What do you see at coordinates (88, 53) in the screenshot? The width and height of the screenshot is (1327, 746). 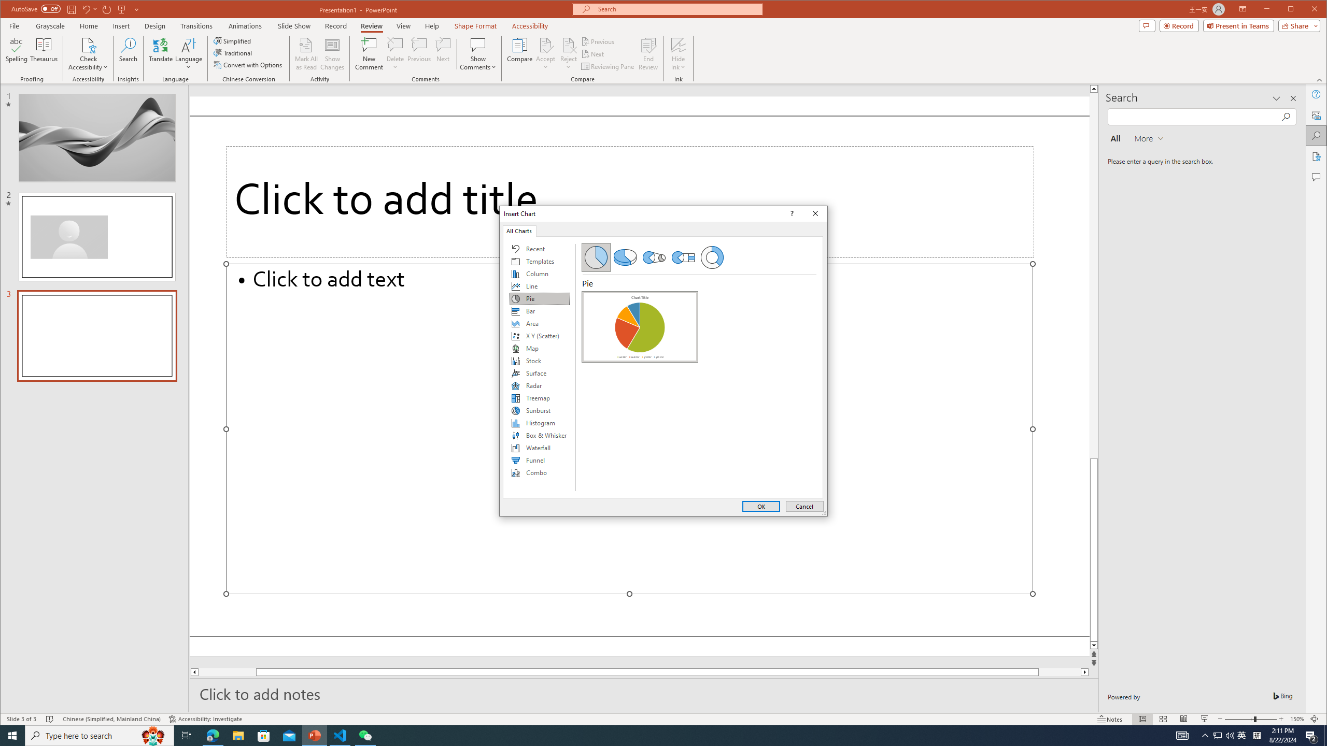 I see `'Check Accessibility'` at bounding box center [88, 53].